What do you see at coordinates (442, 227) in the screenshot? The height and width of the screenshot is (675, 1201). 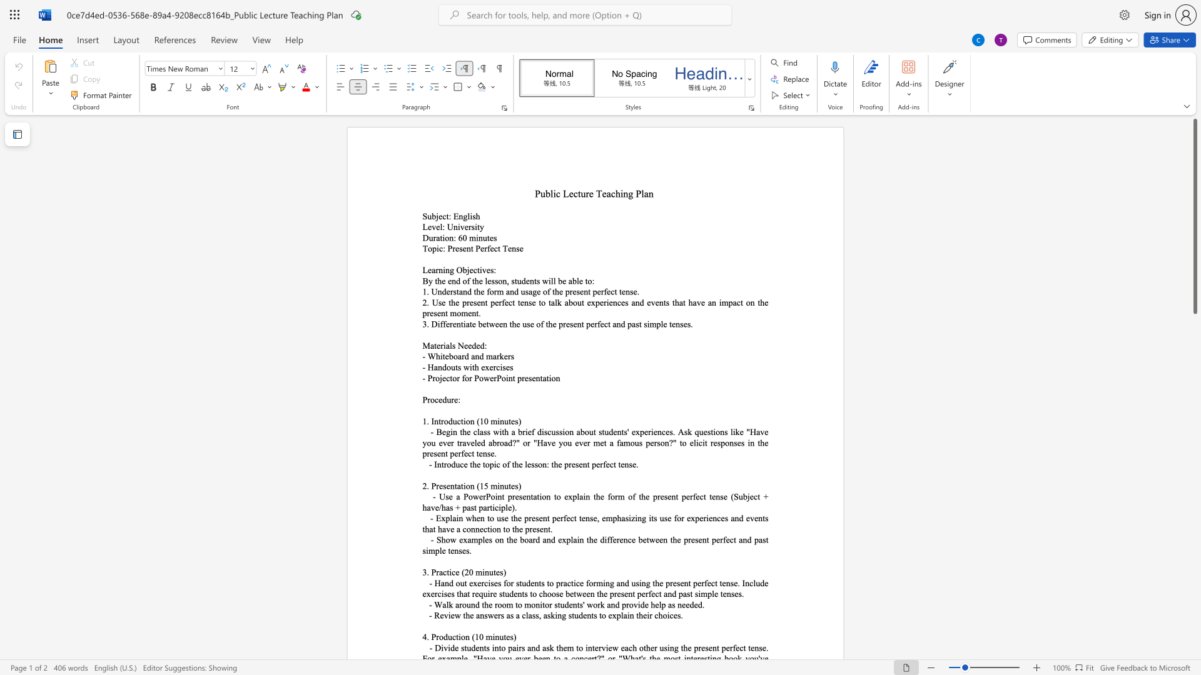 I see `the space between the continuous character "l" and ":" in the text` at bounding box center [442, 227].